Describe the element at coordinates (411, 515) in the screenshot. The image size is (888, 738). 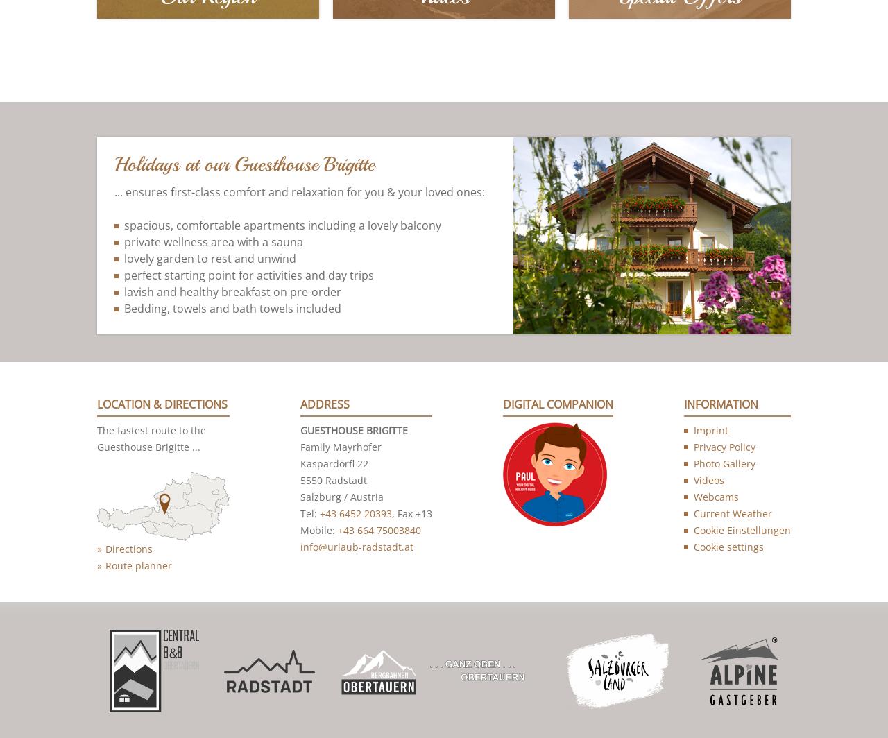
I see `', Fax +13'` at that location.